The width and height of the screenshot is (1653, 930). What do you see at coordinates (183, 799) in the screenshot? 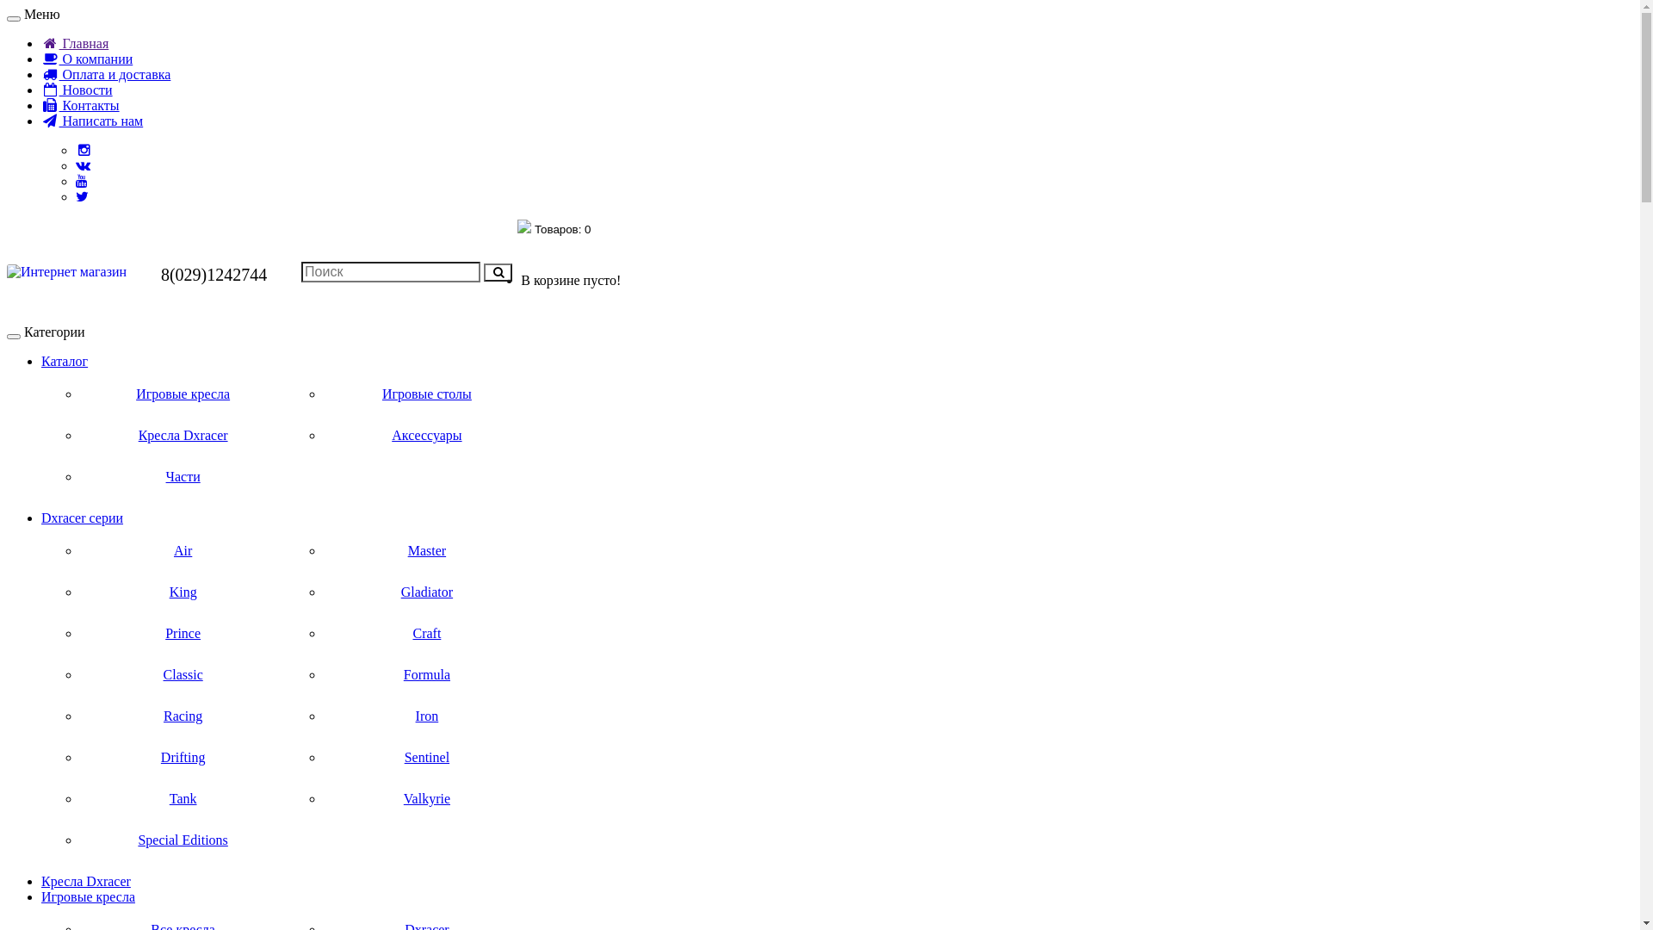
I see `'Tank'` at bounding box center [183, 799].